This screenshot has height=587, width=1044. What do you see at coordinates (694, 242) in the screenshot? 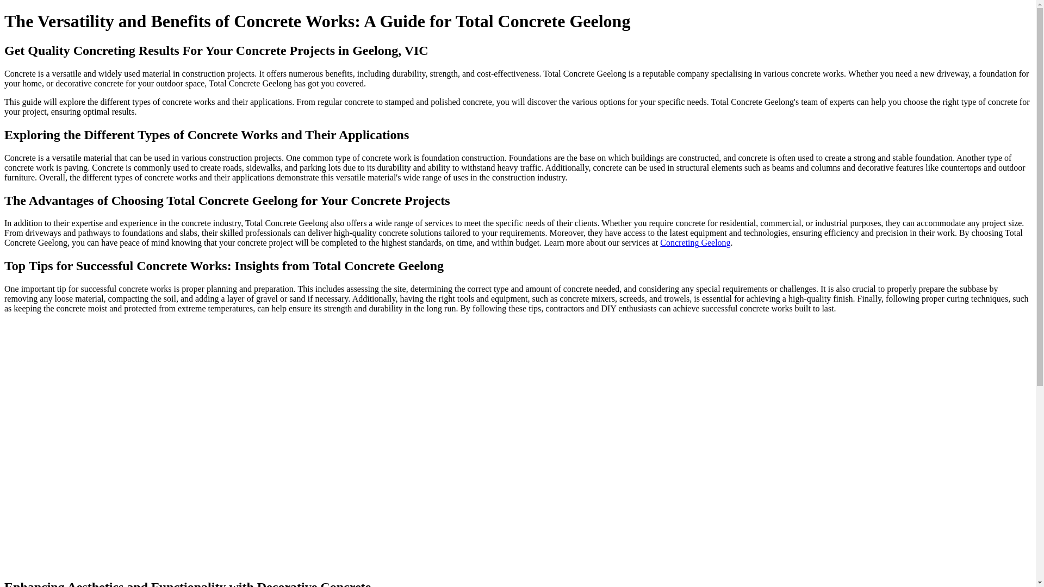
I see `'Concreting Geelong'` at bounding box center [694, 242].